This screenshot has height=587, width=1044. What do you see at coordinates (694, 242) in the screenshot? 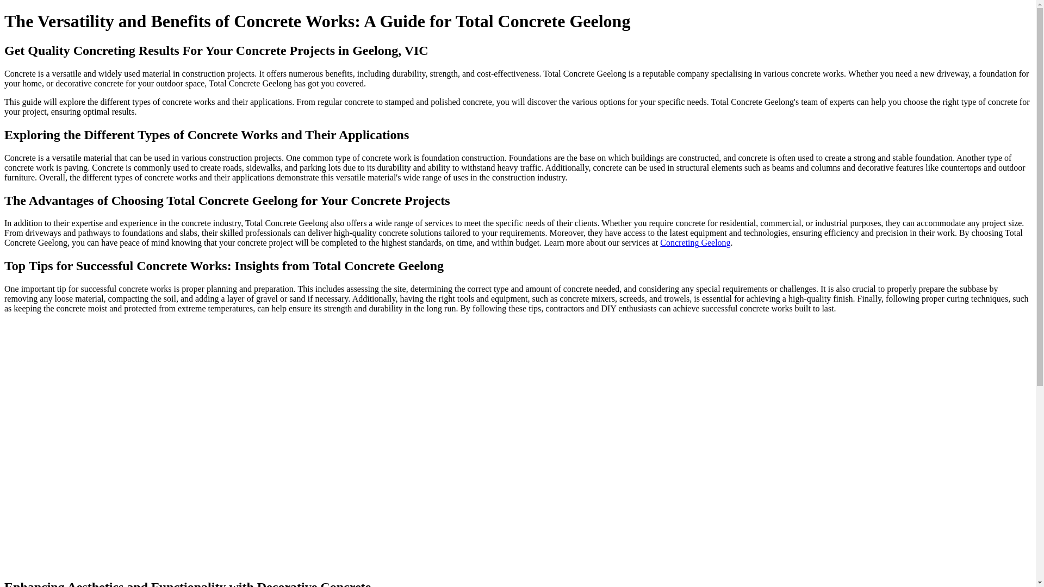
I see `'Concreting Geelong'` at bounding box center [694, 242].